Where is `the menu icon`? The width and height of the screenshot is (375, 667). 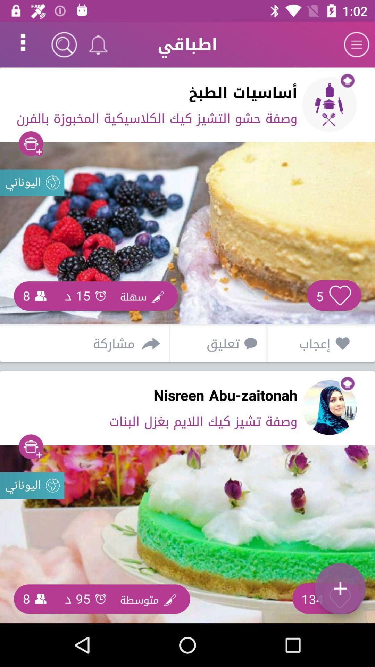
the menu icon is located at coordinates (352, 44).